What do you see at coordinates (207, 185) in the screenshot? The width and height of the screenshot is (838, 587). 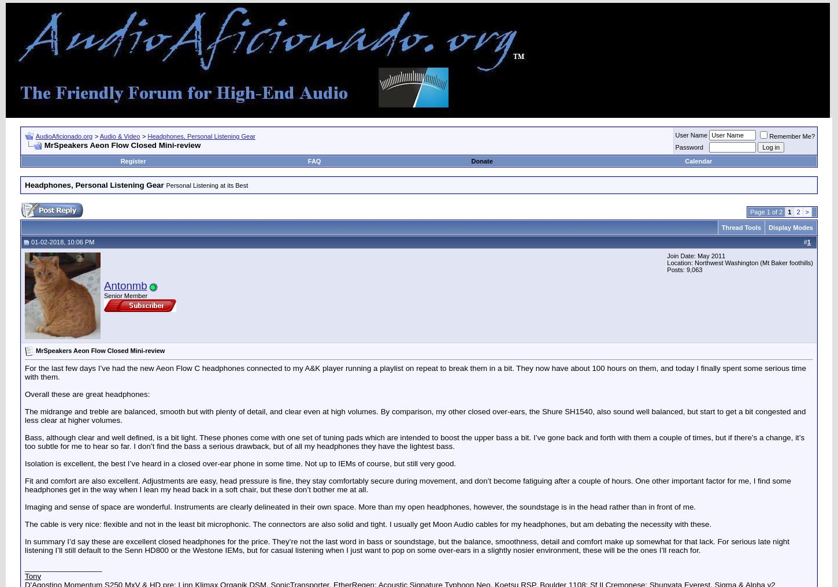 I see `'Personal Listening at its Best'` at bounding box center [207, 185].